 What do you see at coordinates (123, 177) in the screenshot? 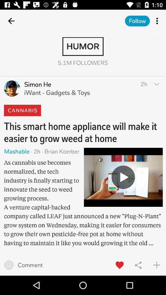
I see `the play icon` at bounding box center [123, 177].